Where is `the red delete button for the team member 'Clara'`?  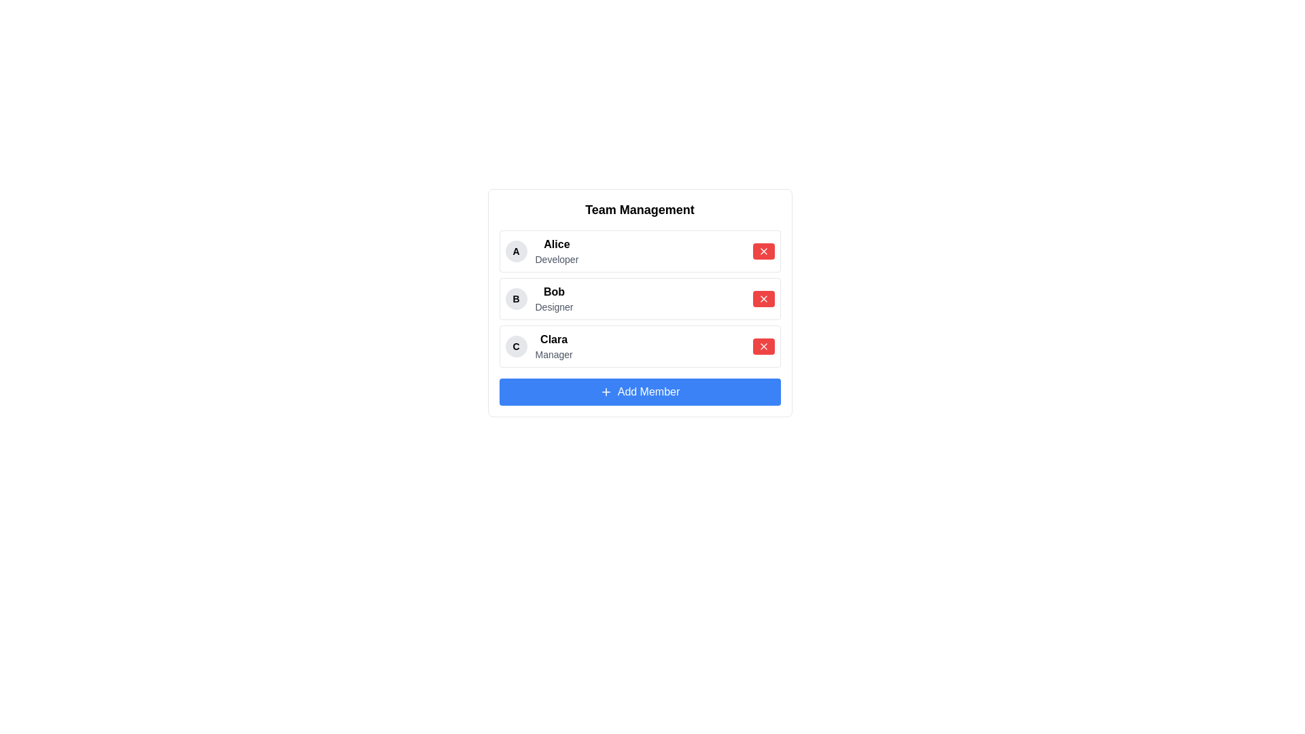 the red delete button for the team member 'Clara' is located at coordinates (763, 345).